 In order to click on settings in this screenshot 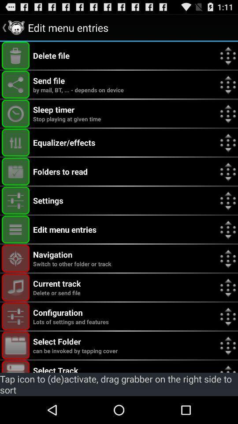, I will do `click(15, 316)`.